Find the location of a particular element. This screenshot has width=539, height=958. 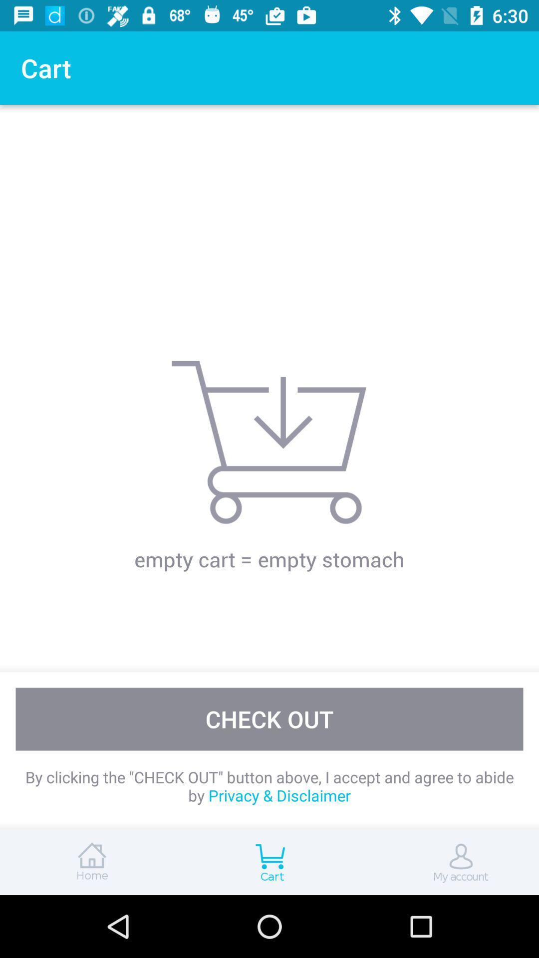

profile account is located at coordinates (448, 862).